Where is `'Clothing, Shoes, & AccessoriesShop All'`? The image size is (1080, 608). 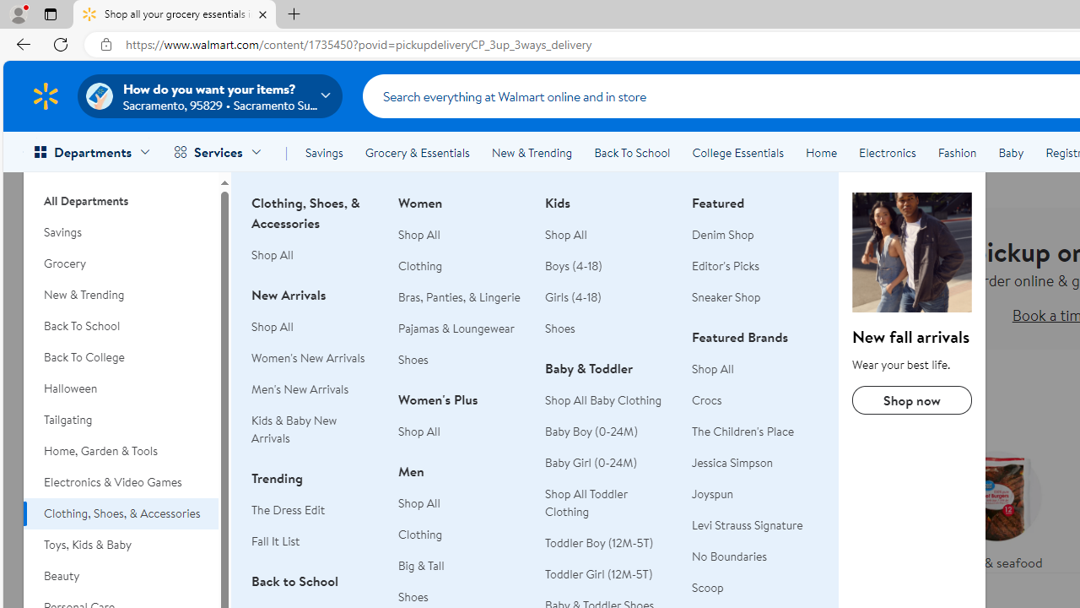
'Clothing, Shoes, & AccessoriesShop All' is located at coordinates (315, 238).